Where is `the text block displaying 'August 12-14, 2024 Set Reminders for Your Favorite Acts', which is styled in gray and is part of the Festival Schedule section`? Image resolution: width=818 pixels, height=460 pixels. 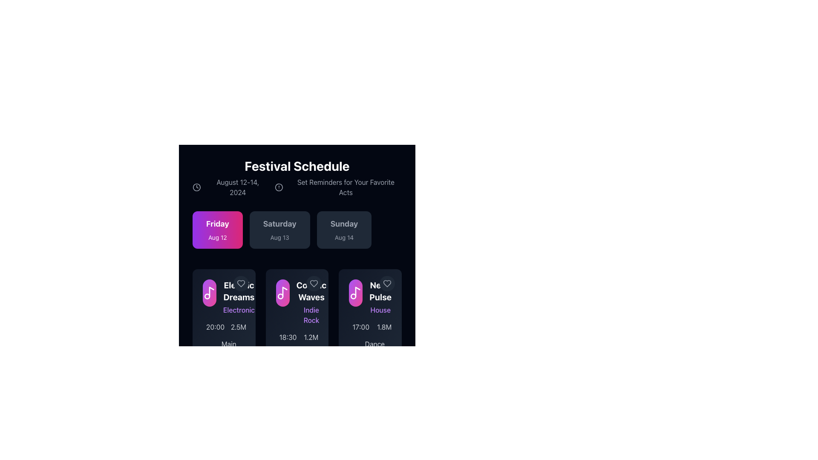
the text block displaying 'August 12-14, 2024 Set Reminders for Your Favorite Acts', which is styled in gray and is part of the Festival Schedule section is located at coordinates (297, 187).